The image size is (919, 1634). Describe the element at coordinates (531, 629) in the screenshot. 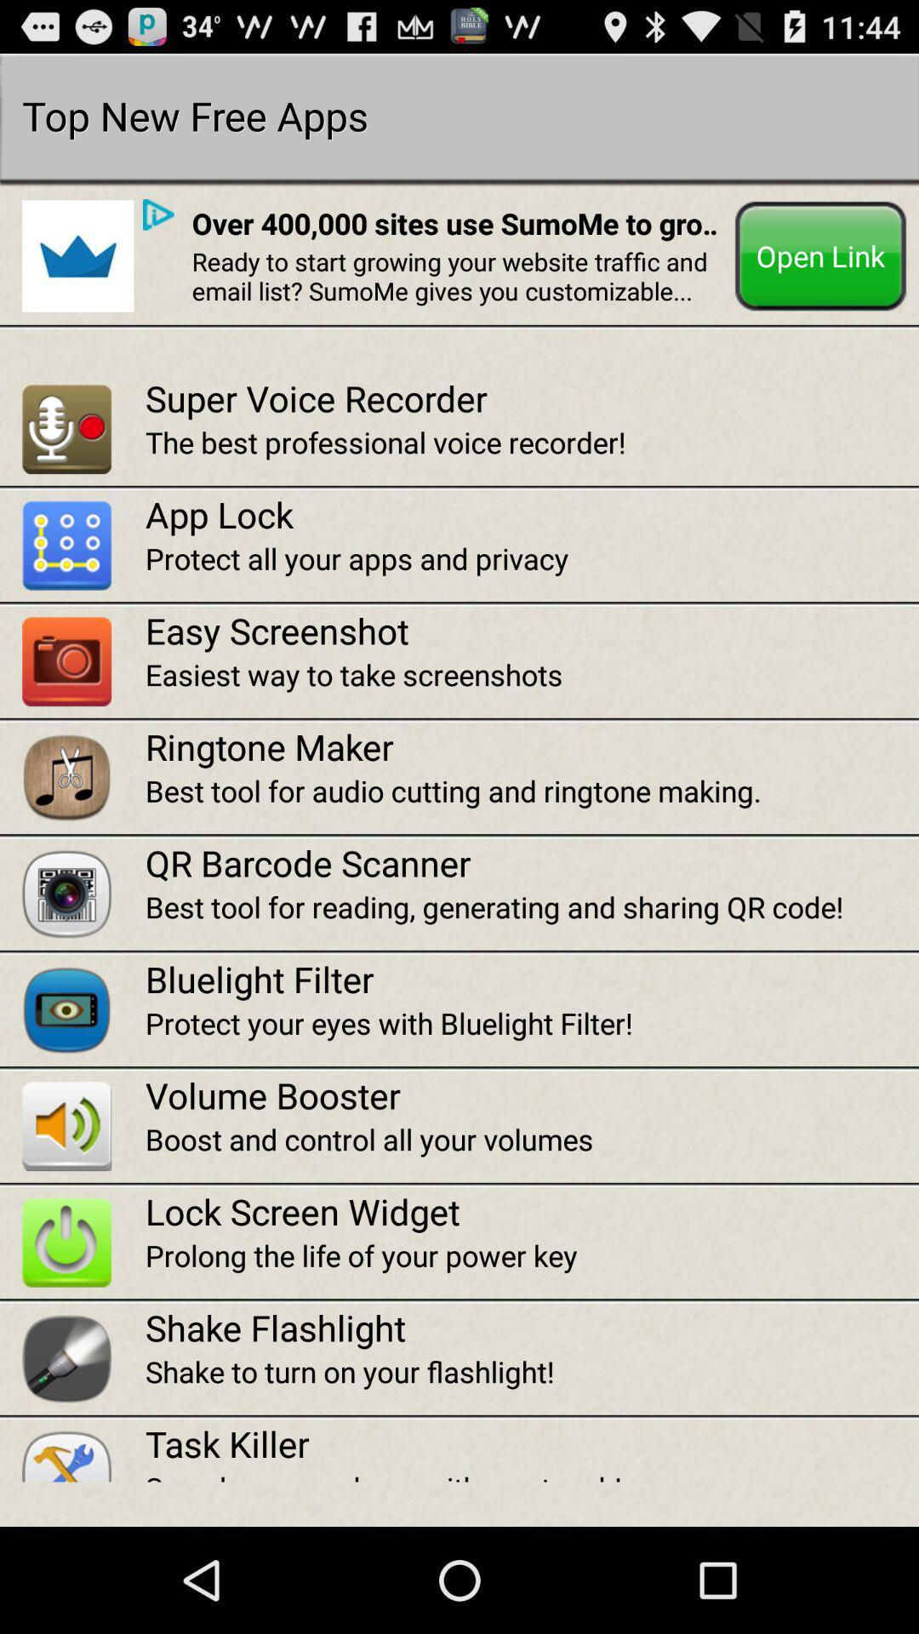

I see `easy screenshot icon` at that location.